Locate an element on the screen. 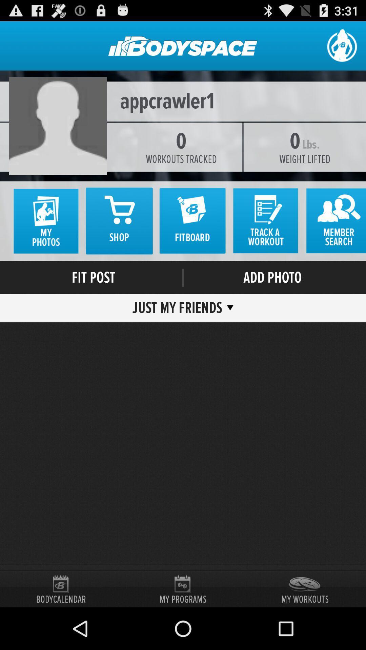  icon below the appcrawler1 icon is located at coordinates (181, 159).